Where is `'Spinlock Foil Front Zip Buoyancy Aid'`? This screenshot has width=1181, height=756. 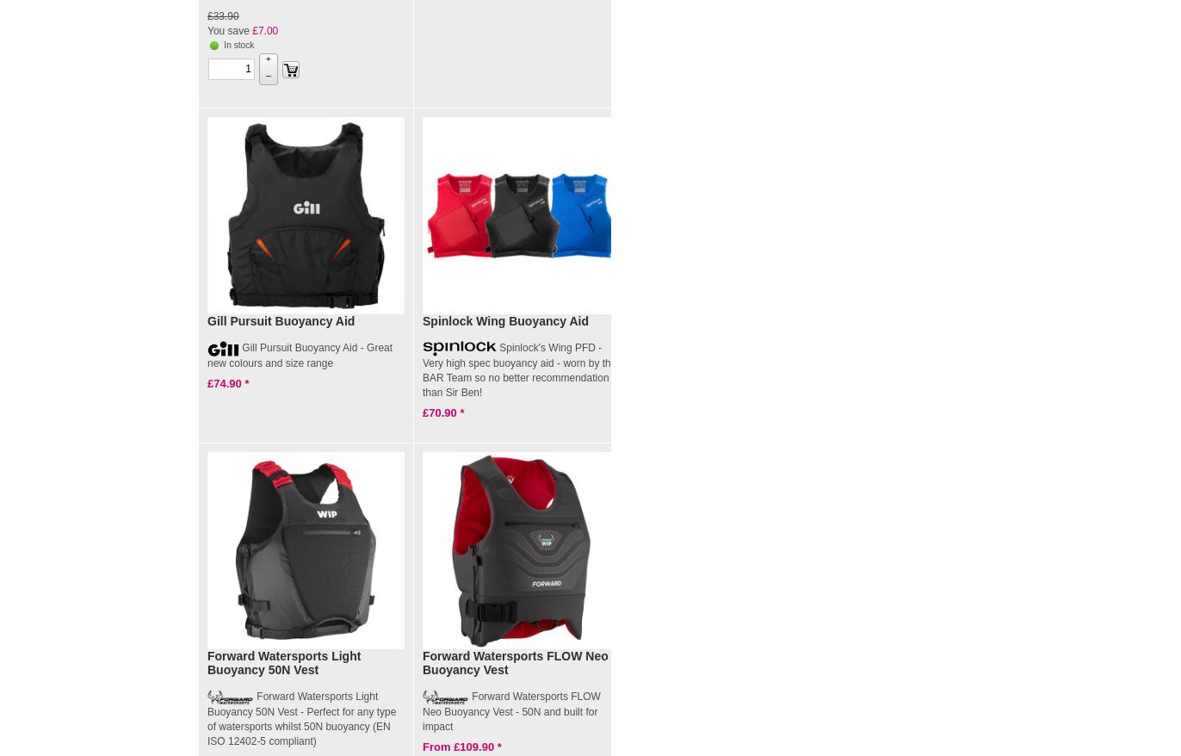
'Spinlock Foil Front Zip Buoyancy Aid' is located at coordinates (733, 326).